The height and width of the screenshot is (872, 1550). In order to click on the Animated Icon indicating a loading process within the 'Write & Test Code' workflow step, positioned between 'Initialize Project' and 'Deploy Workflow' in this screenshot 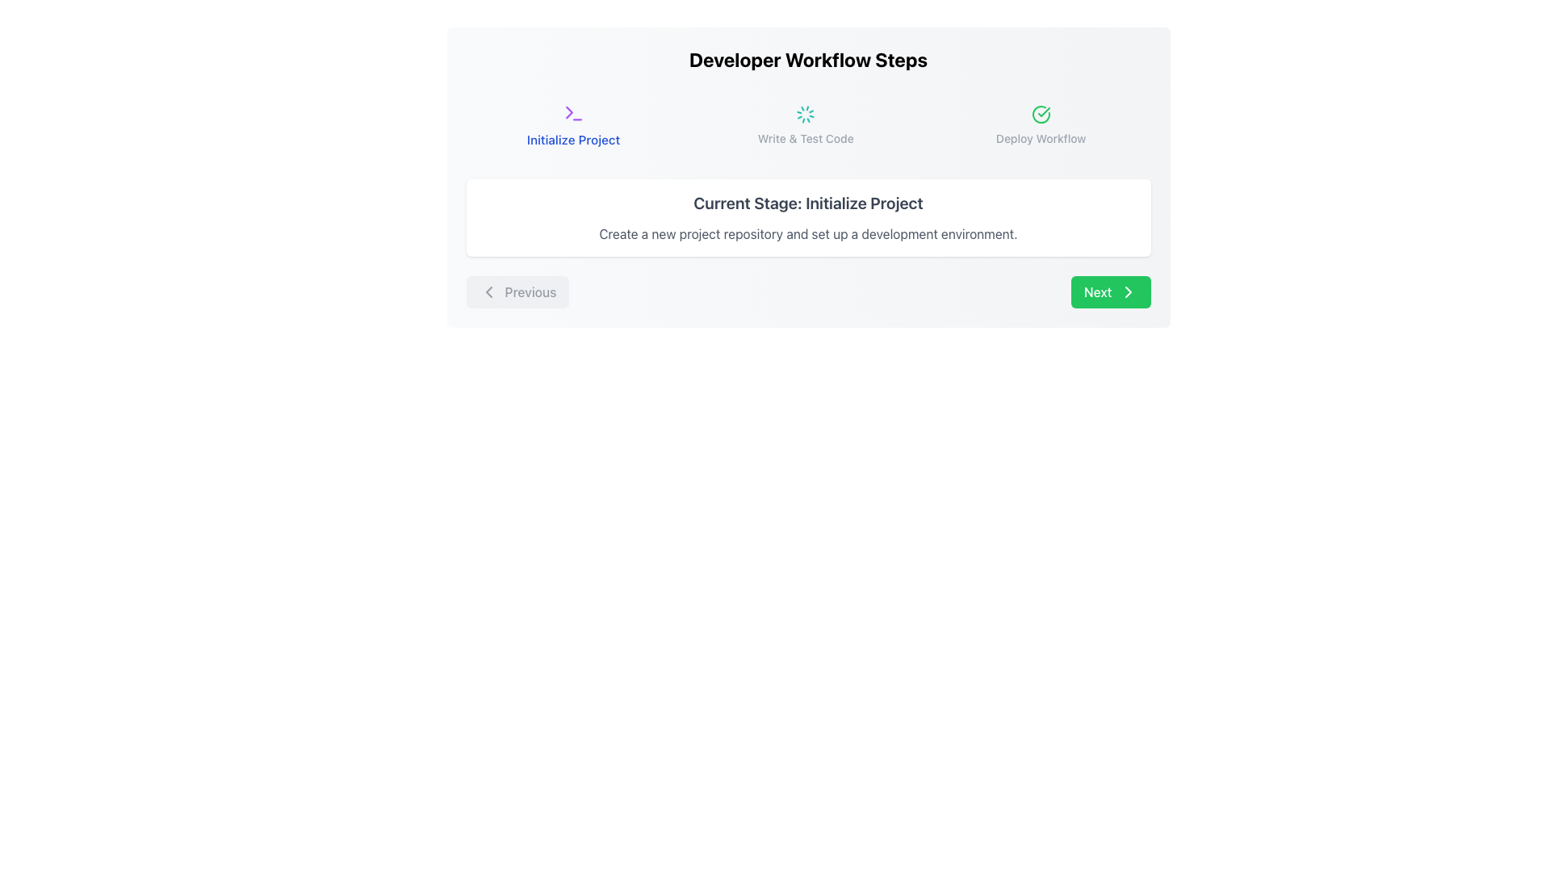, I will do `click(806, 114)`.